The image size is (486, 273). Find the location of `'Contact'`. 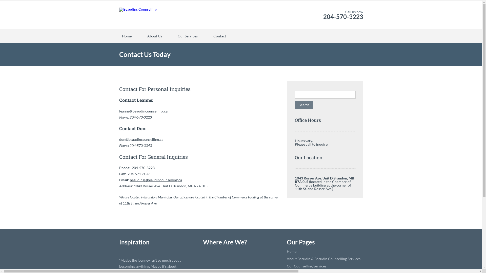

'Contact' is located at coordinates (220, 36).